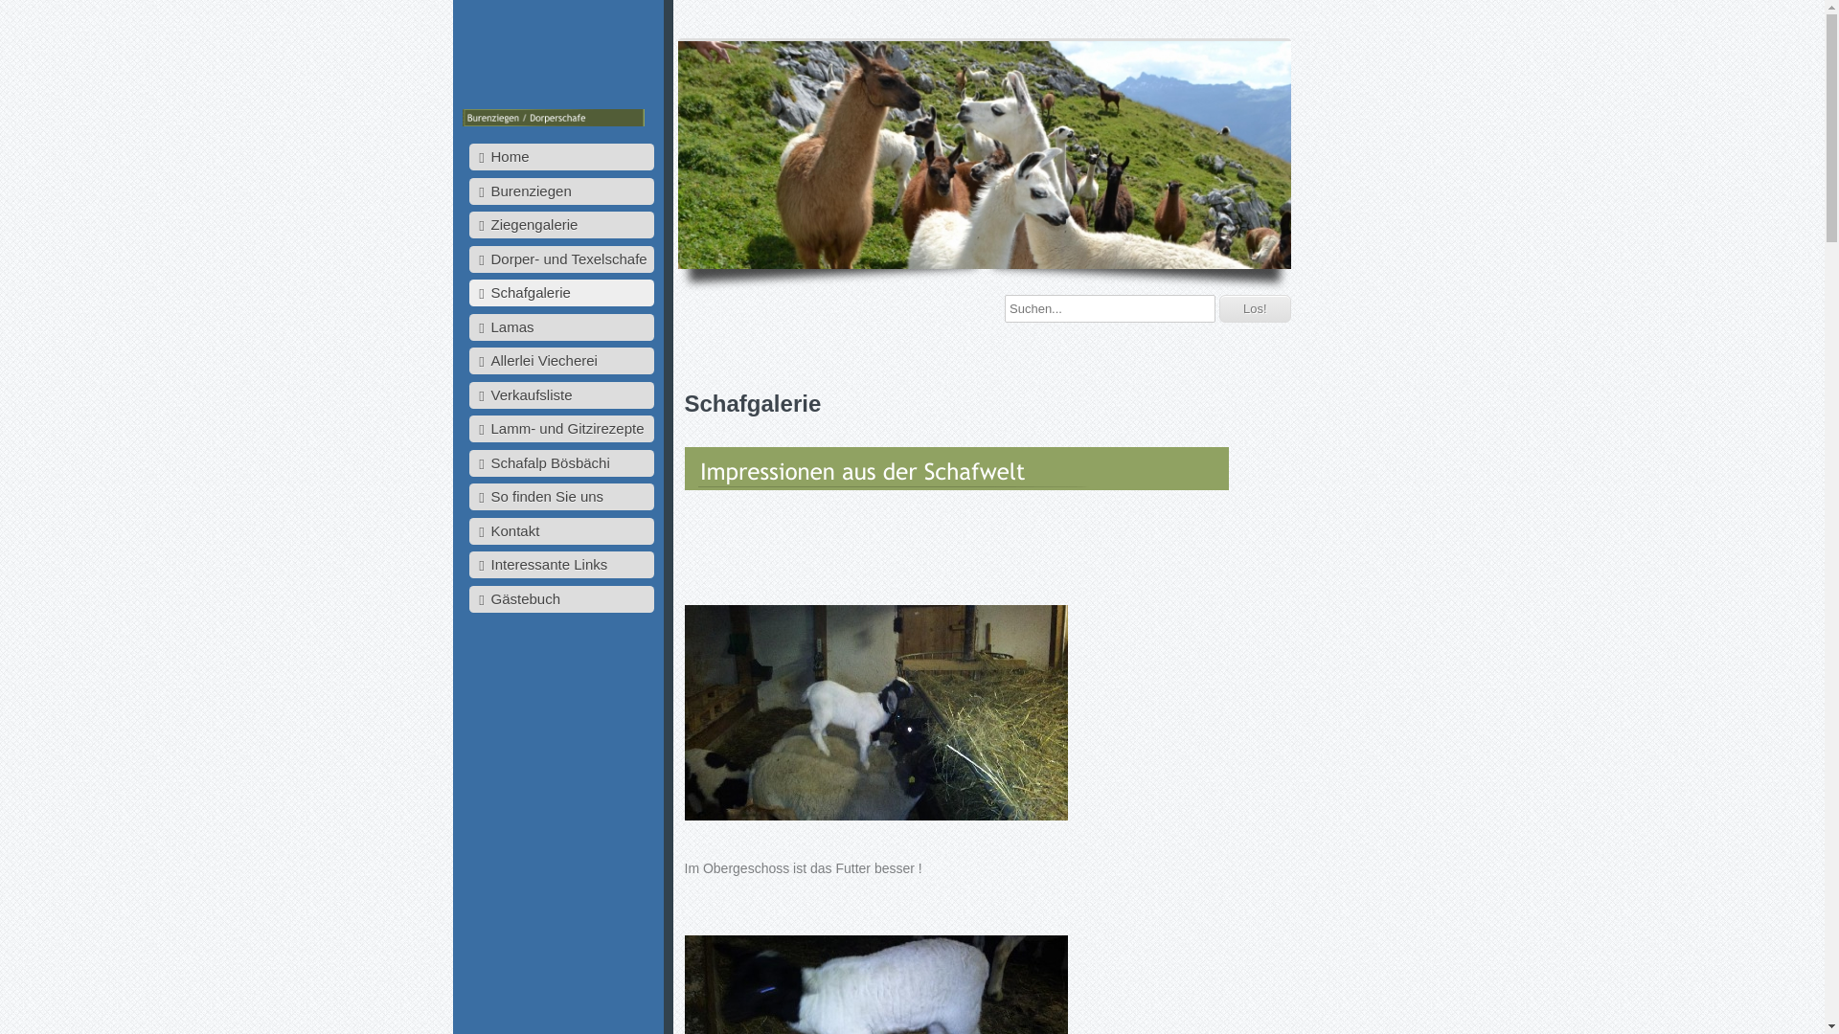  Describe the element at coordinates (560, 224) in the screenshot. I see `'Ziegengalerie'` at that location.